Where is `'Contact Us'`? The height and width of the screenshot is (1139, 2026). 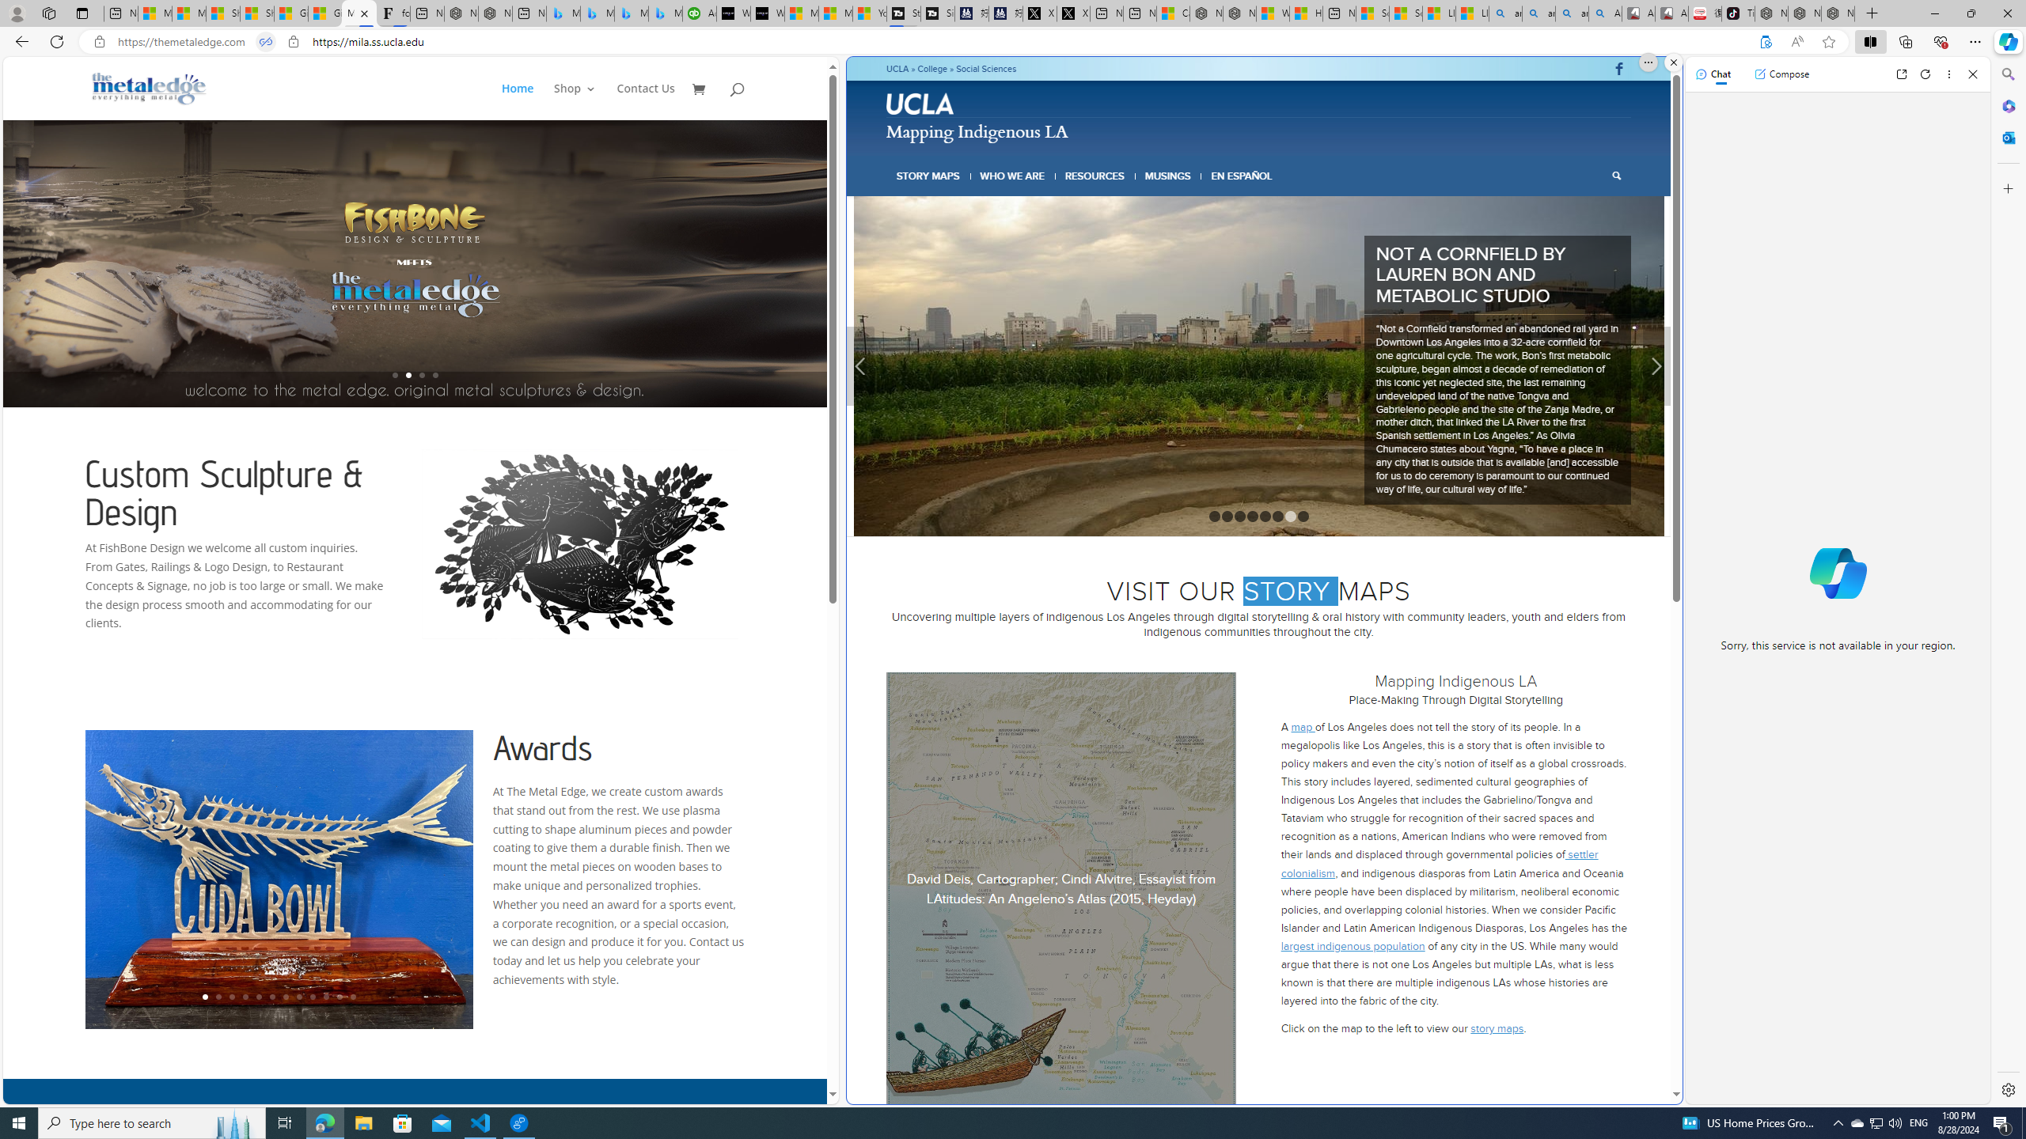
'Contact Us' is located at coordinates (645, 100).